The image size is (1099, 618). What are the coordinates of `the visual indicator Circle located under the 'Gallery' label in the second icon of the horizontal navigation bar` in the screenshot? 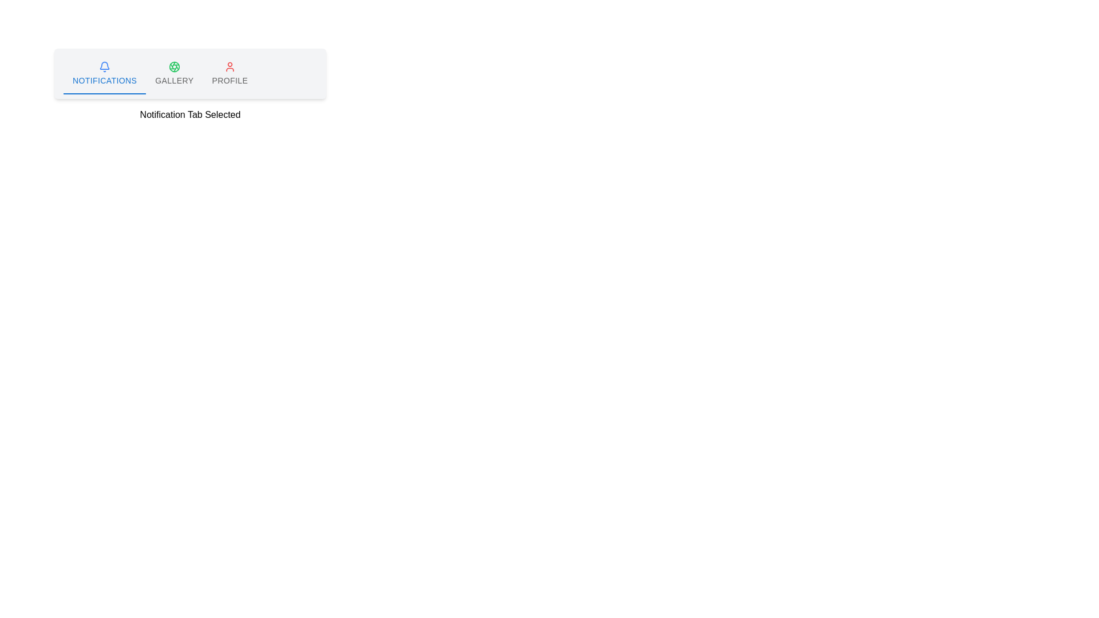 It's located at (173, 67).